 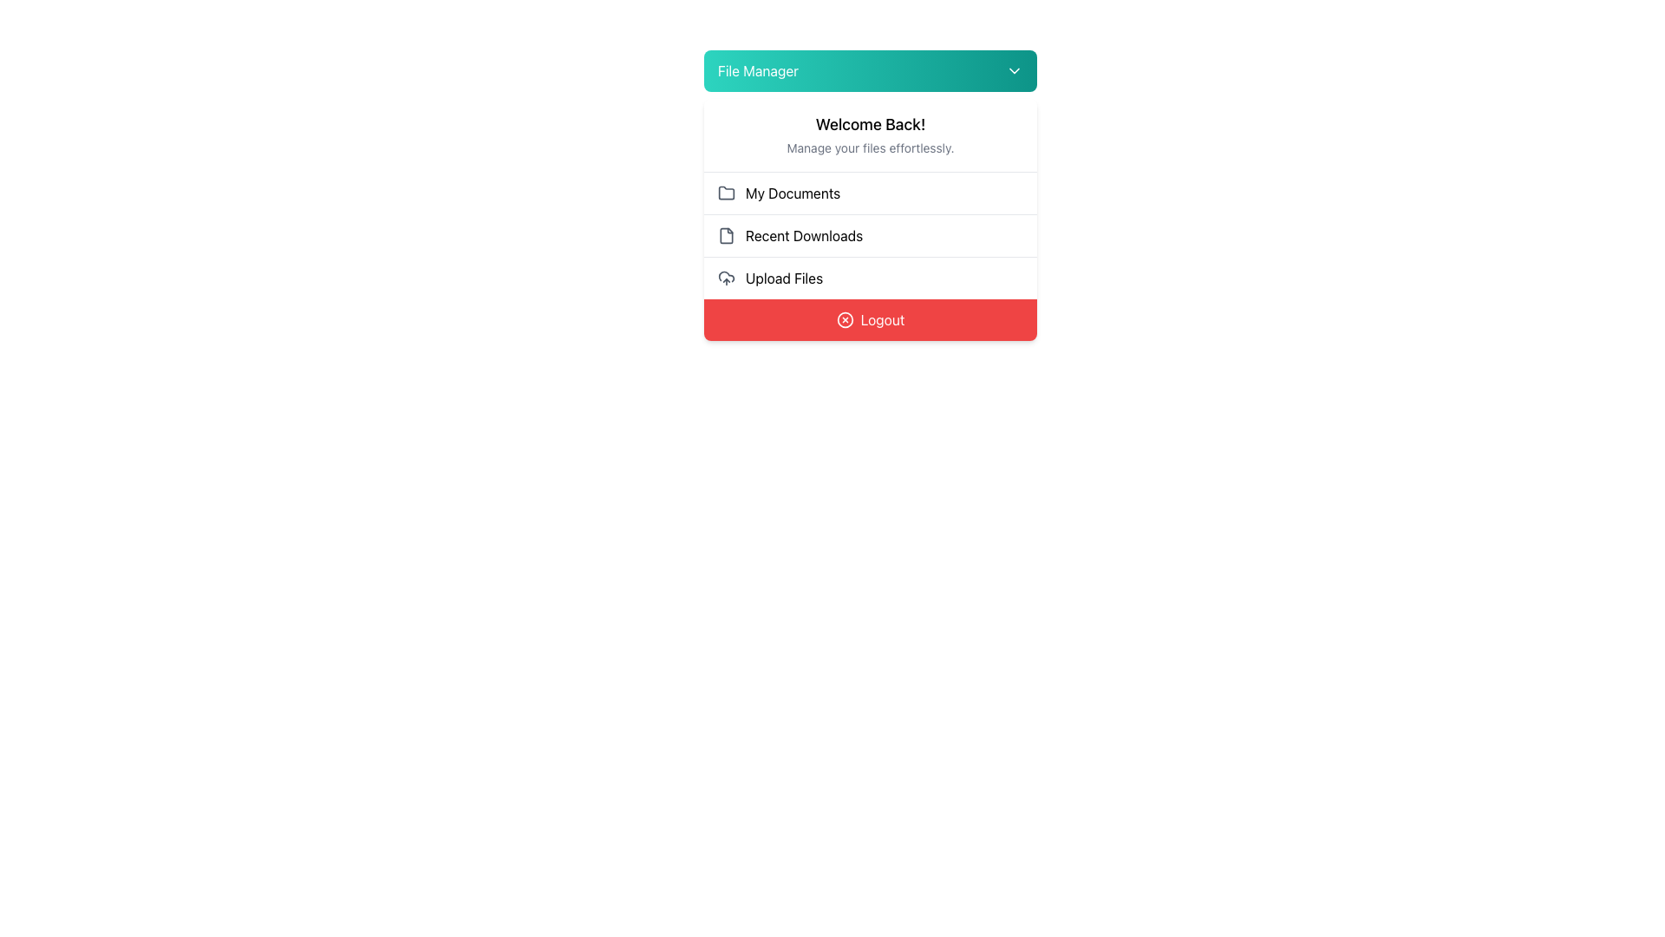 I want to click on the 'Upload Files' text label, which is part of a vertical menu structure and located below the 'Recent Downloads' item, featuring a sans-serif font and an icon to its left, so click(x=783, y=277).